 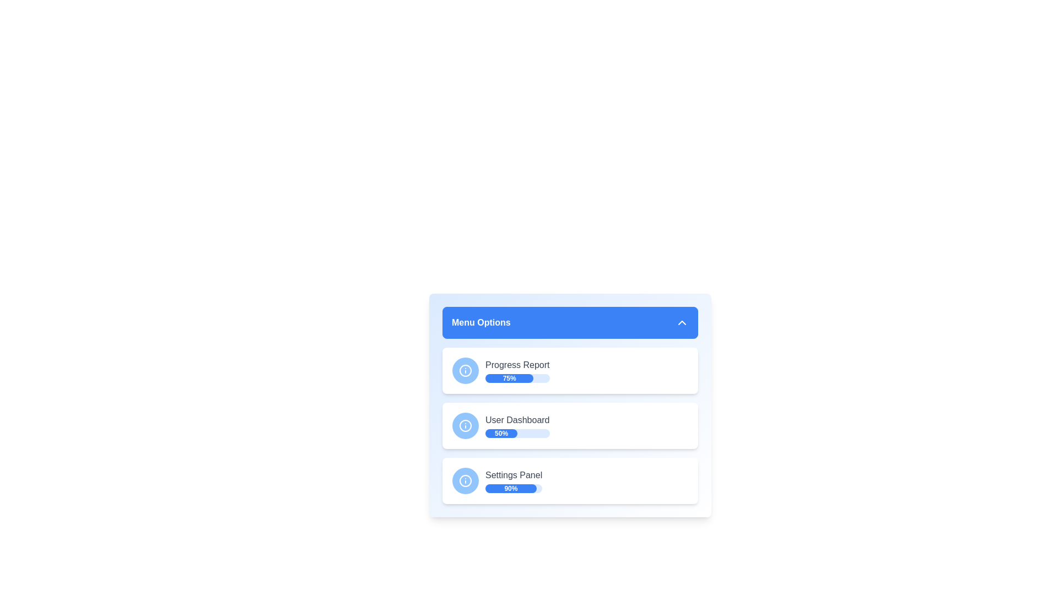 What do you see at coordinates (570, 480) in the screenshot?
I see `the menu item corresponding to Settings Panel` at bounding box center [570, 480].